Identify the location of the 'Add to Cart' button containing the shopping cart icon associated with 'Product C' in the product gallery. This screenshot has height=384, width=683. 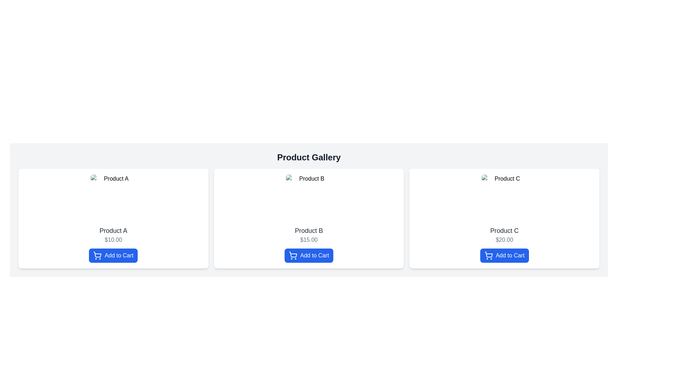
(488, 254).